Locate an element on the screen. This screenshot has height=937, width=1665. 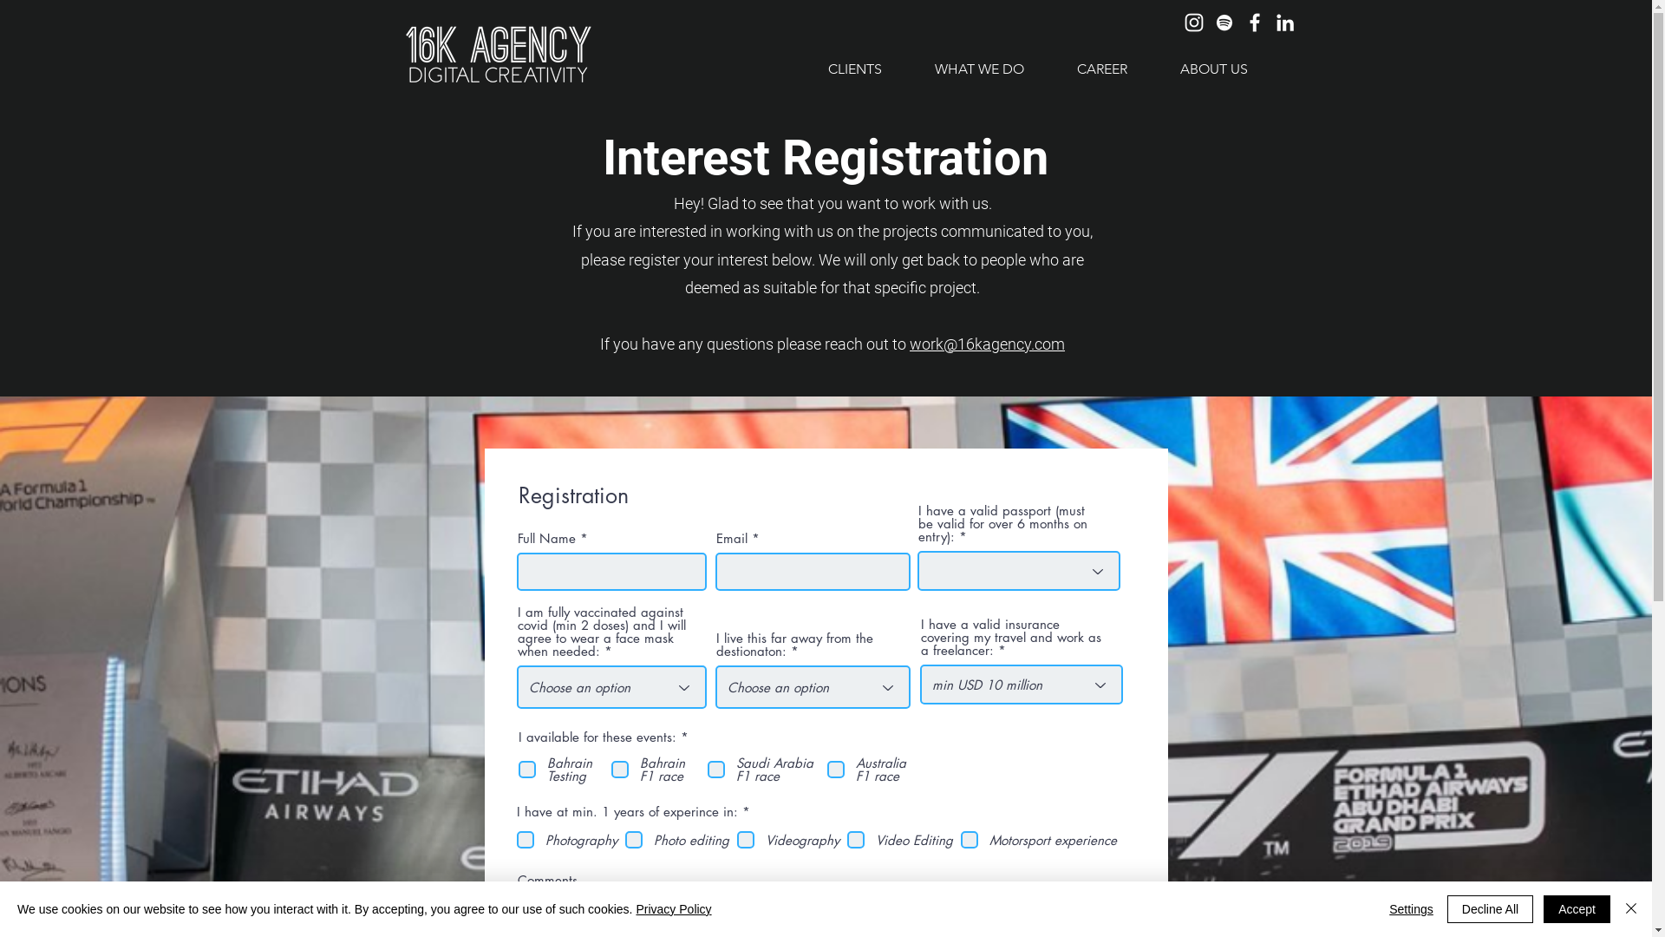
'WHAT WE DO' is located at coordinates (978, 68).